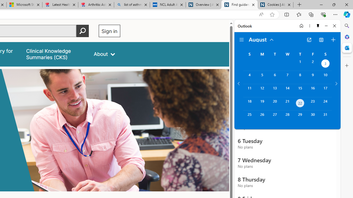  Describe the element at coordinates (262, 104) in the screenshot. I see `'Monday, August 19, 2024. '` at that location.